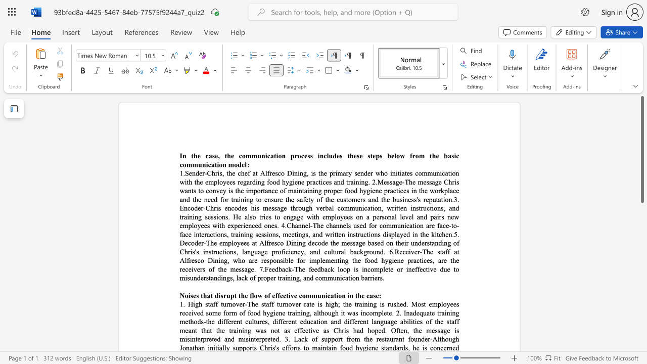 Image resolution: width=647 pixels, height=364 pixels. Describe the element at coordinates (220, 243) in the screenshot. I see `the 64th character "e" in the text` at that location.